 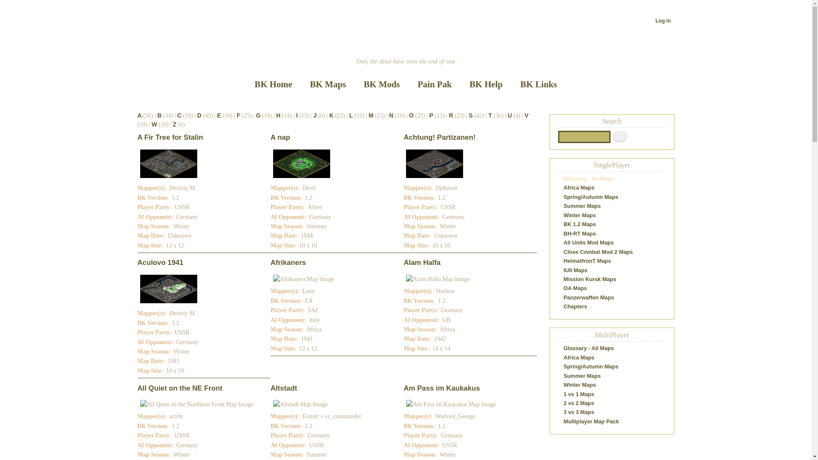 What do you see at coordinates (590, 279) in the screenshot?
I see `'Mission Kursk Maps'` at bounding box center [590, 279].